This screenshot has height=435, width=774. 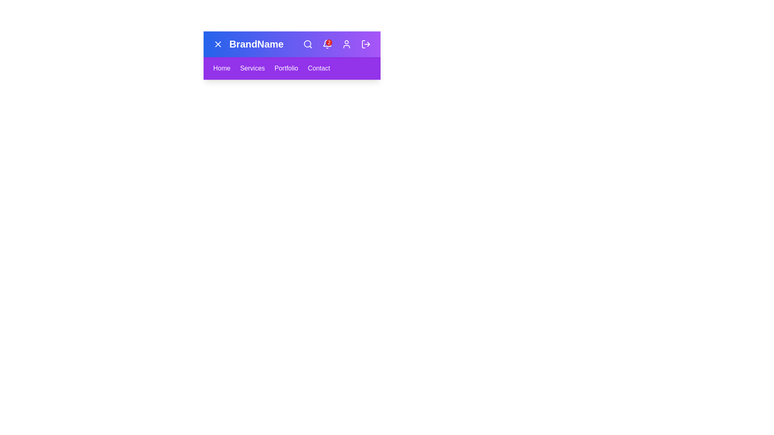 What do you see at coordinates (318, 68) in the screenshot?
I see `the navigation link labeled 'Contact' located at the rightmost edge of the navigation menu` at bounding box center [318, 68].